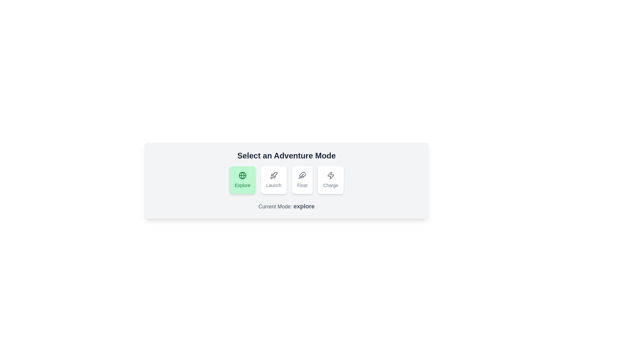 Image resolution: width=632 pixels, height=355 pixels. Describe the element at coordinates (274, 180) in the screenshot. I see `the mode launch by clicking its respective button` at that location.